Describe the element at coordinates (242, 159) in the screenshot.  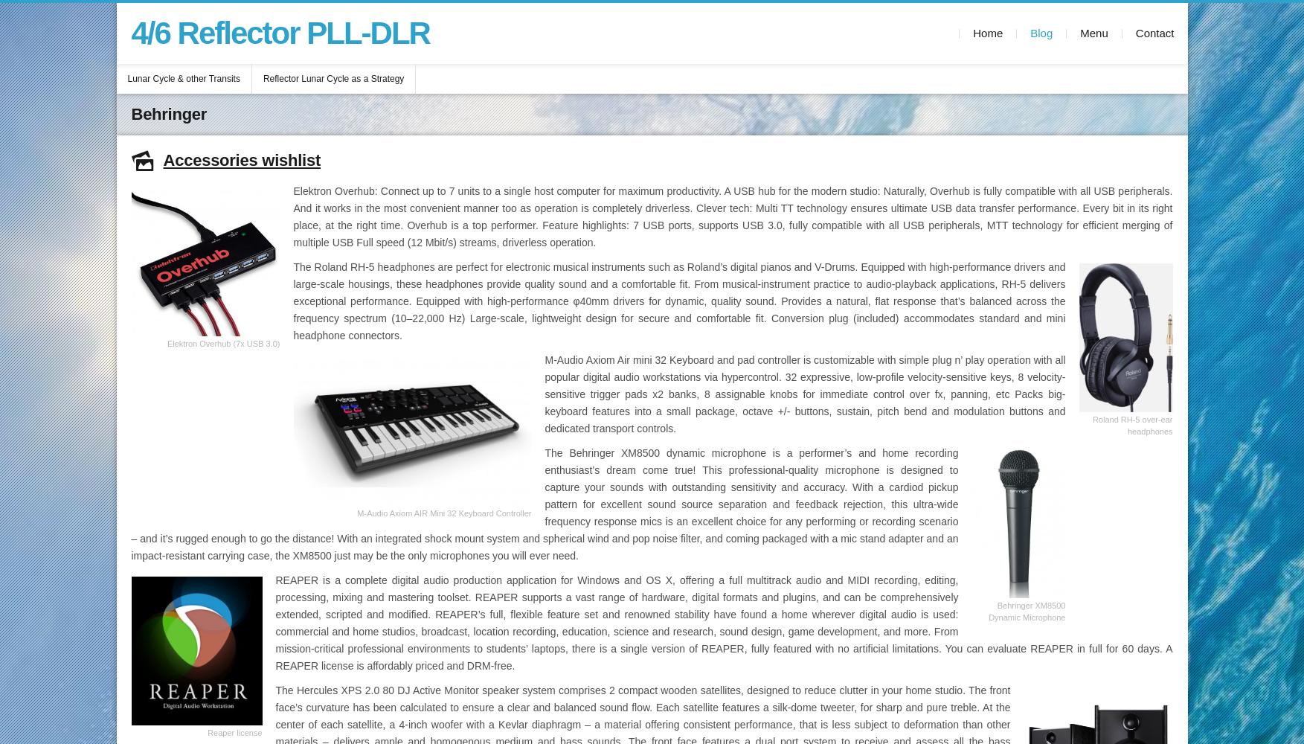
I see `'Accessories wishlist'` at that location.